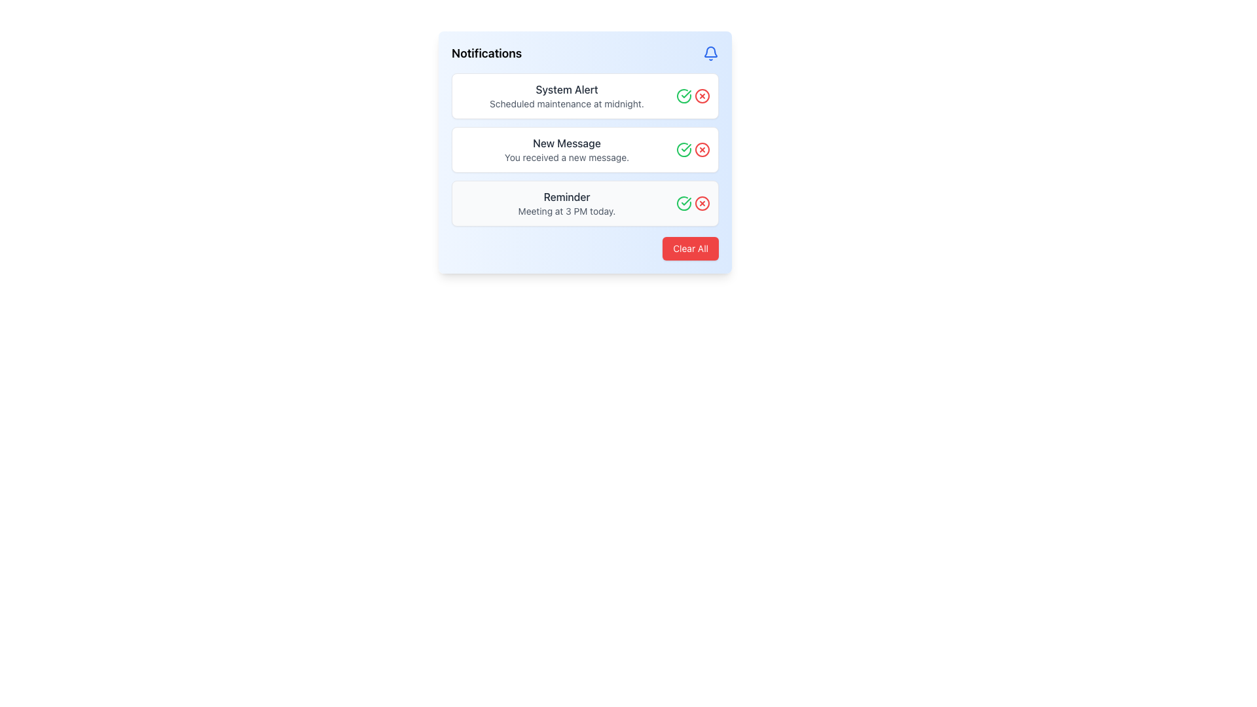 This screenshot has width=1257, height=707. I want to click on the green circular checkmark icon located at the right side of the 'New Message' notification to mark it as acknowledged, so click(683, 149).